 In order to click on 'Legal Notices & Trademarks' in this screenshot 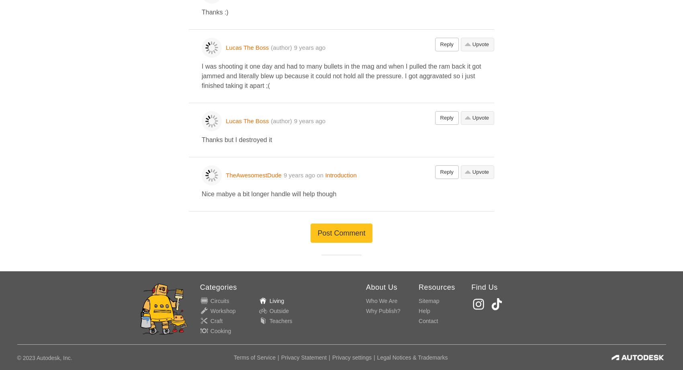, I will do `click(411, 357)`.